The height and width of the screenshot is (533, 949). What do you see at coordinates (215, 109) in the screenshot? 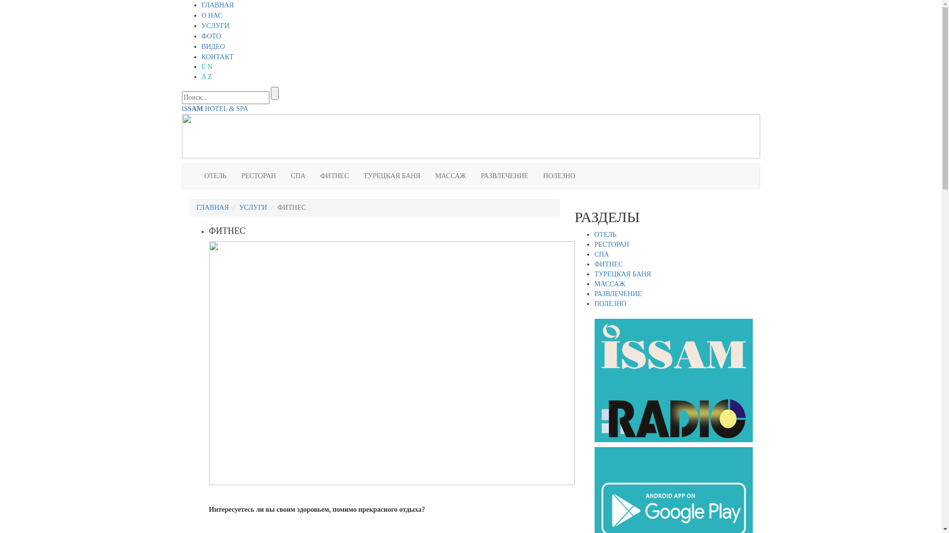
I see `'ISSAM HOTEL & SPA'` at bounding box center [215, 109].